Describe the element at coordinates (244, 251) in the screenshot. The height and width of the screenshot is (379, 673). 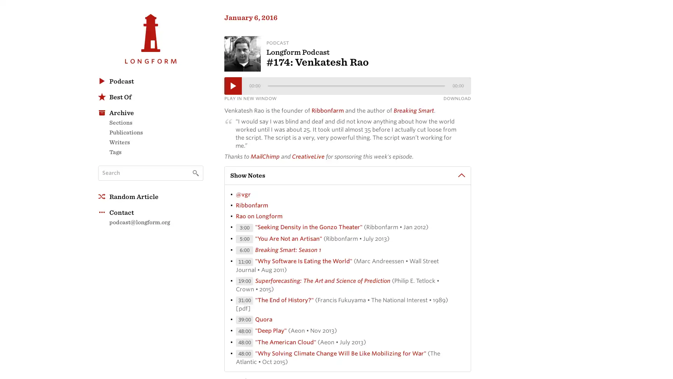
I see `6:00` at that location.